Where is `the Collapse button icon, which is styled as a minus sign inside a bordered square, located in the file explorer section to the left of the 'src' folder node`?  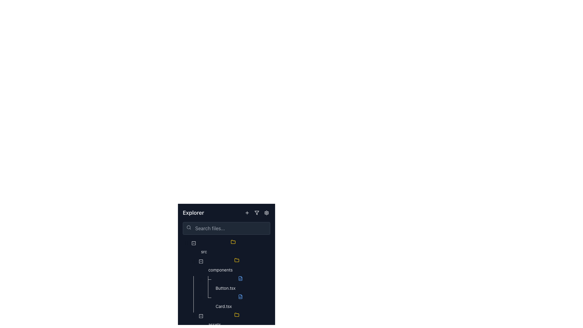
the Collapse button icon, which is styled as a minus sign inside a bordered square, located in the file explorer section to the left of the 'src' folder node is located at coordinates (193, 243).